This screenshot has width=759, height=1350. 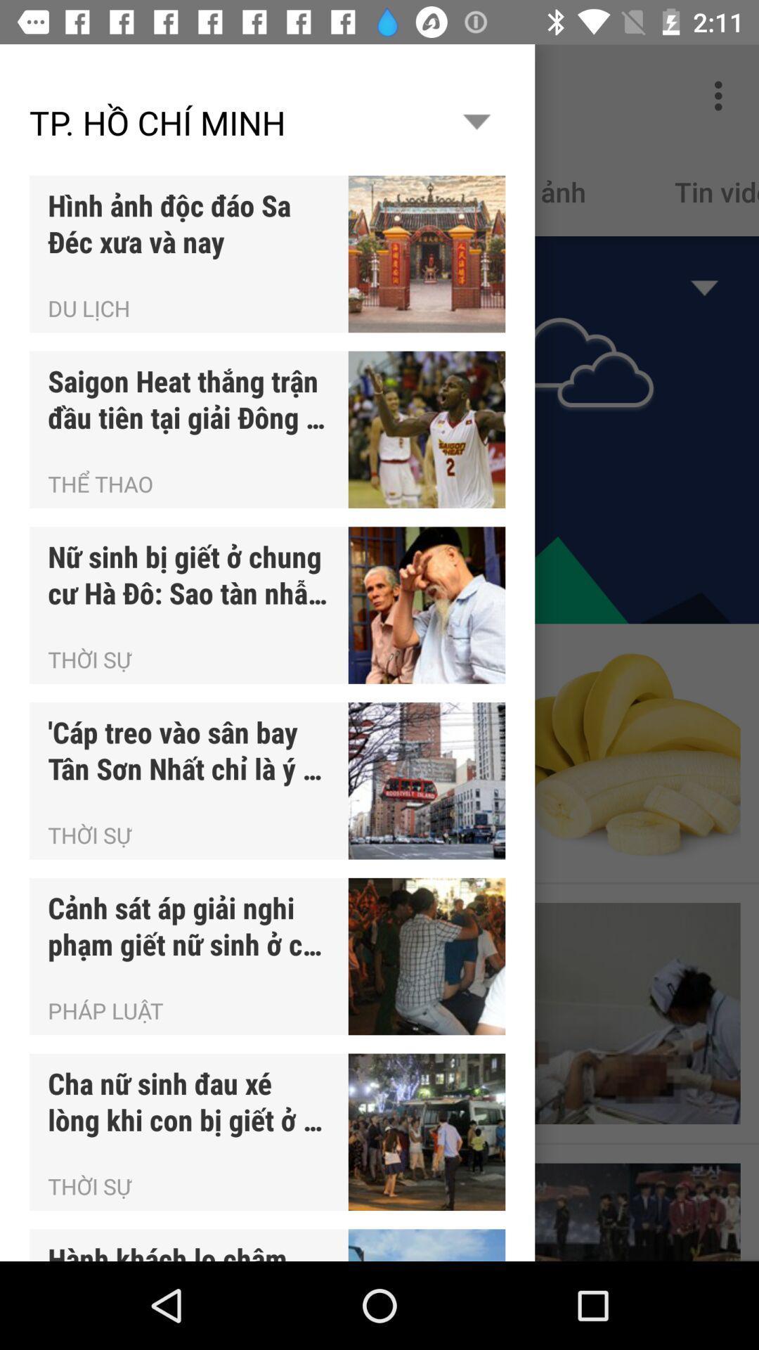 What do you see at coordinates (629, 1211) in the screenshot?
I see `the bottom right corner image` at bounding box center [629, 1211].